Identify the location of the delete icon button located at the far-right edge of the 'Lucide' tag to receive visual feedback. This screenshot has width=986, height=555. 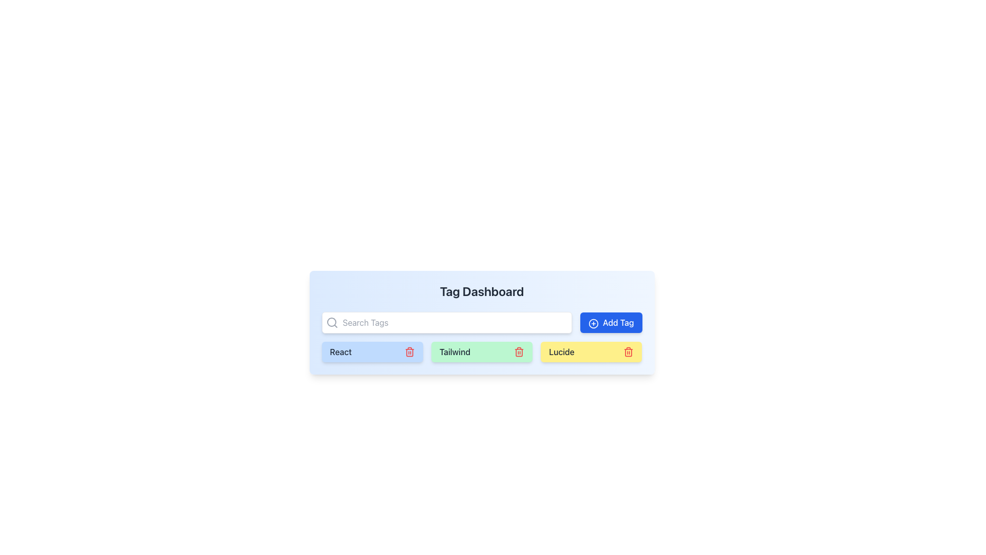
(628, 351).